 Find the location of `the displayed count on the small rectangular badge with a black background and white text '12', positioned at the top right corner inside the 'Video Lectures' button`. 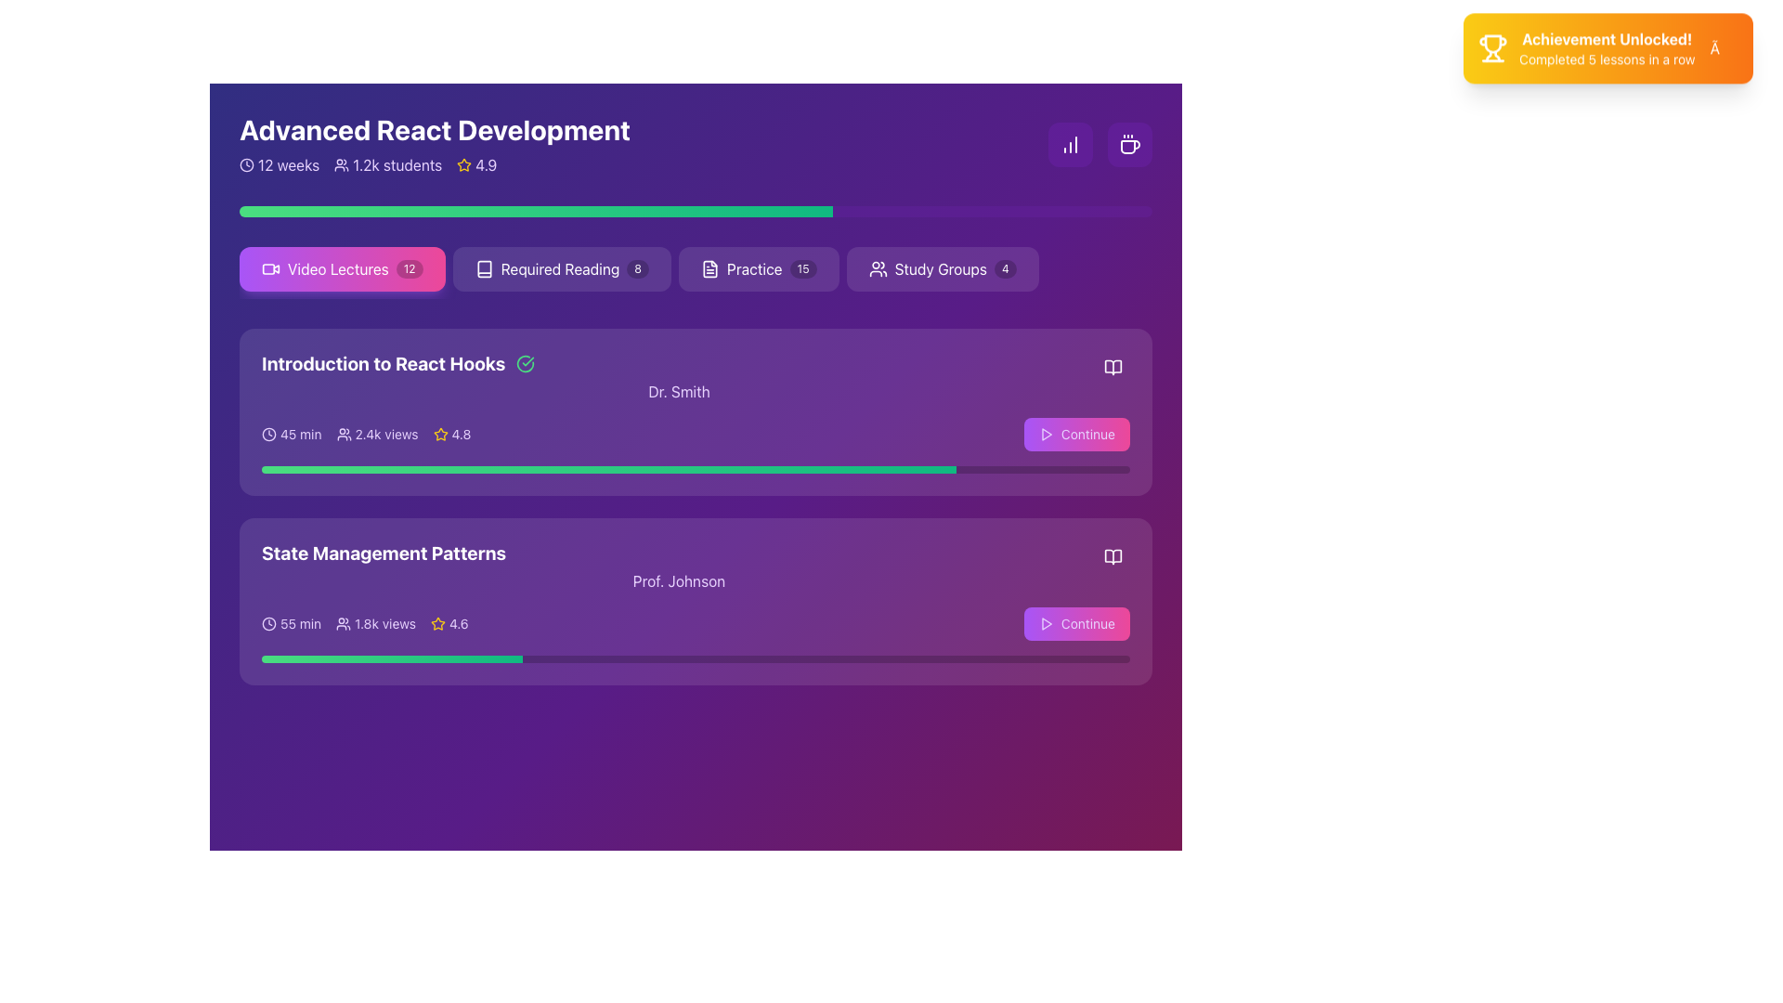

the displayed count on the small rectangular badge with a black background and white text '12', positioned at the top right corner inside the 'Video Lectures' button is located at coordinates (409, 268).